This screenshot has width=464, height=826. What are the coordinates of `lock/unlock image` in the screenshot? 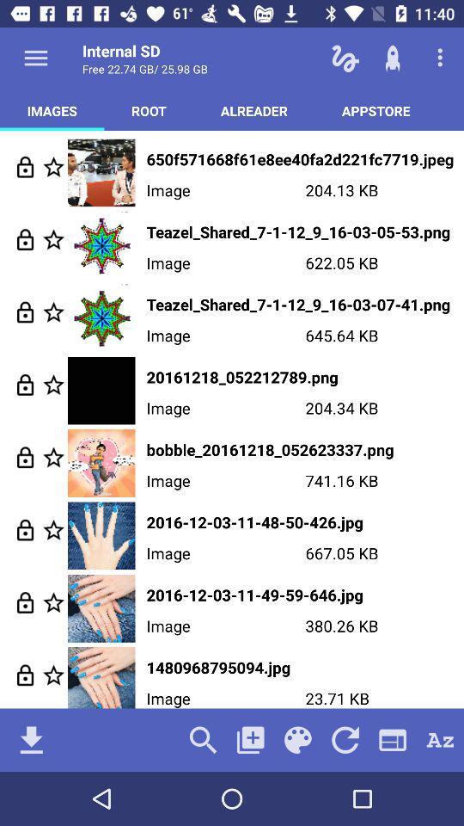 It's located at (24, 238).